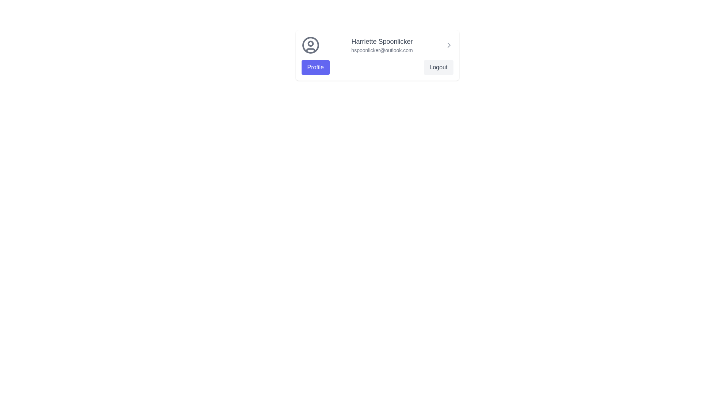 The width and height of the screenshot is (701, 394). What do you see at coordinates (438, 67) in the screenshot?
I see `the 'Logout' button located in the top-right segment of the user profile panel to log out` at bounding box center [438, 67].